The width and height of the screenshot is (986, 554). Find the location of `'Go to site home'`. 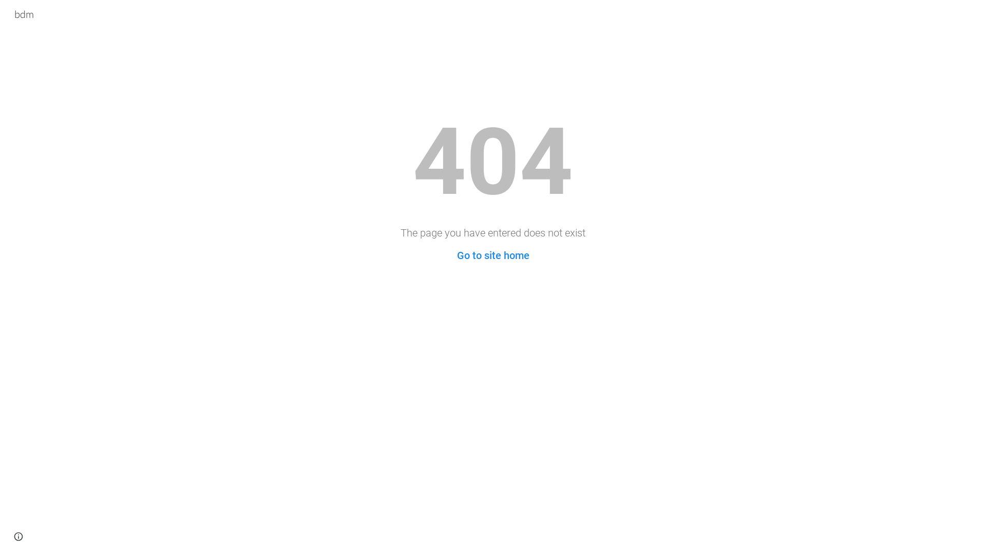

'Go to site home' is located at coordinates (456, 254).